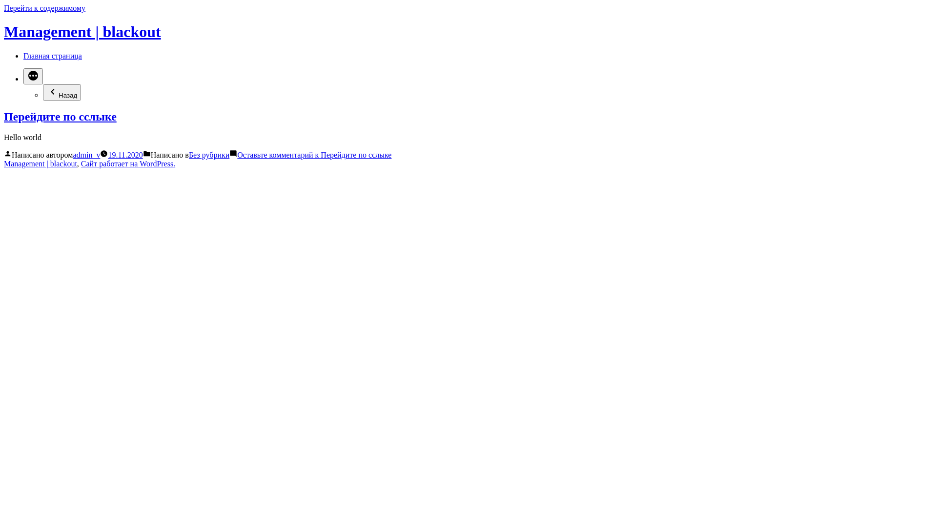 This screenshot has height=527, width=937. What do you see at coordinates (40, 163) in the screenshot?
I see `'Management | blackout'` at bounding box center [40, 163].